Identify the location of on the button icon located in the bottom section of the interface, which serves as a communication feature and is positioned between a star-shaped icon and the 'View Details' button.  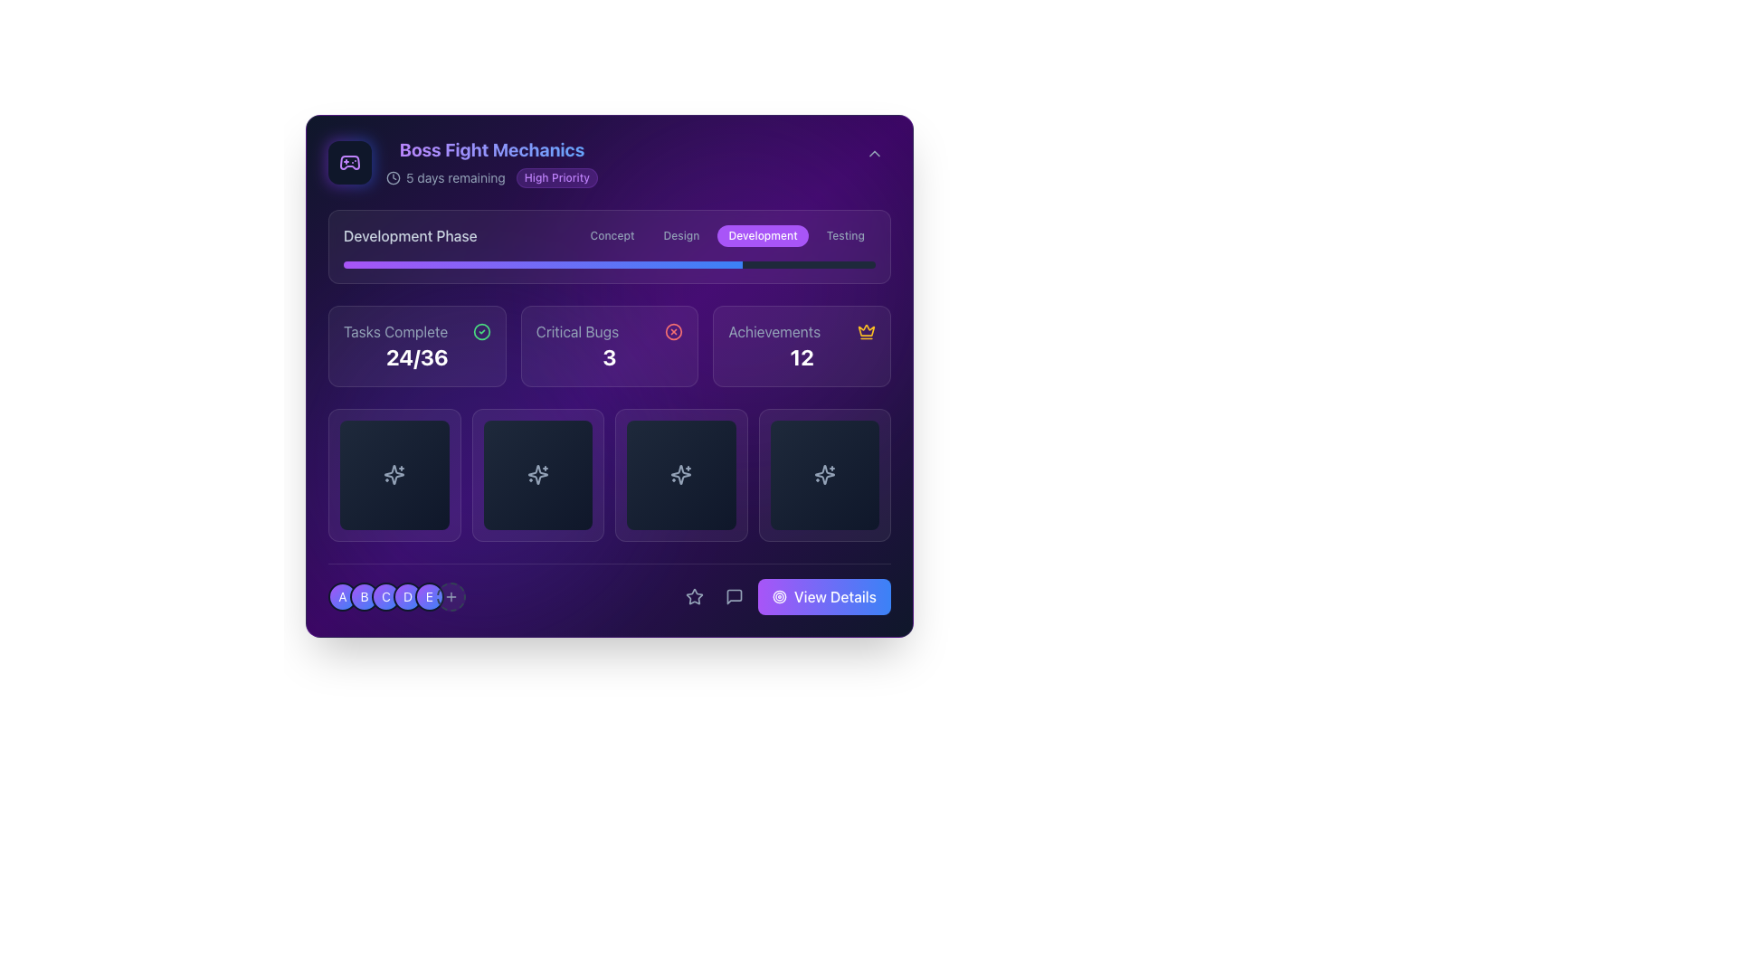
(734, 596).